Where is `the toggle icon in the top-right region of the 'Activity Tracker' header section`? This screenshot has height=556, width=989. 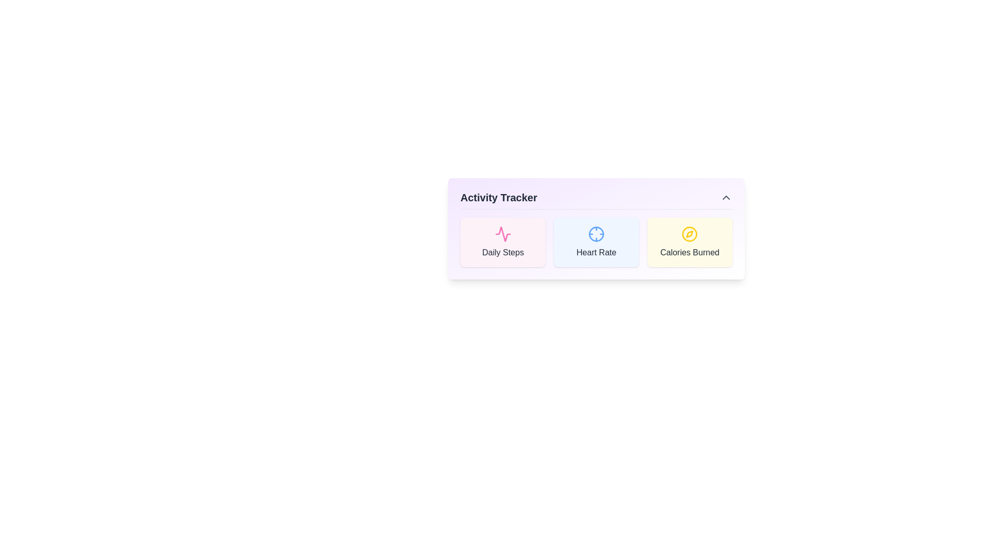
the toggle icon in the top-right region of the 'Activity Tracker' header section is located at coordinates (726, 198).